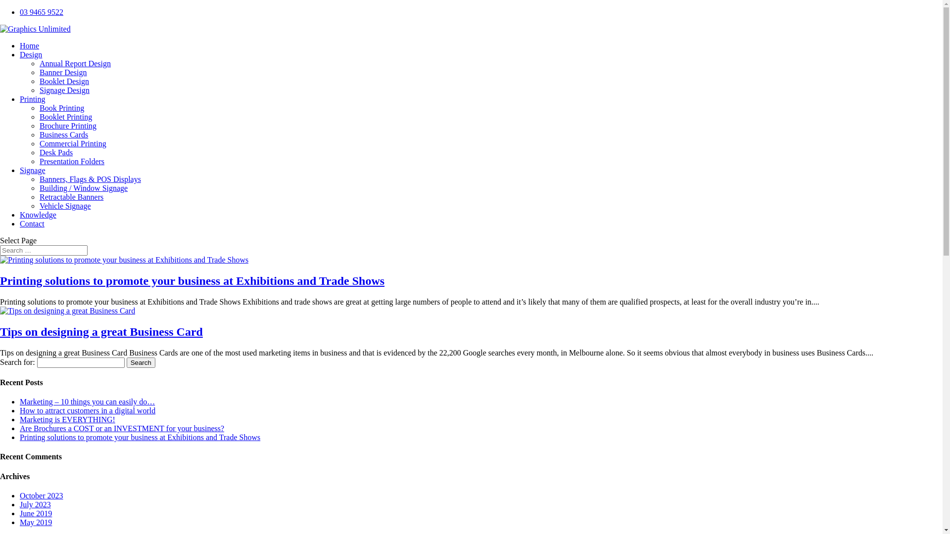 This screenshot has height=534, width=950. Describe the element at coordinates (19, 428) in the screenshot. I see `'Are Brochures a COST or an INVESTMENT for your business?'` at that location.